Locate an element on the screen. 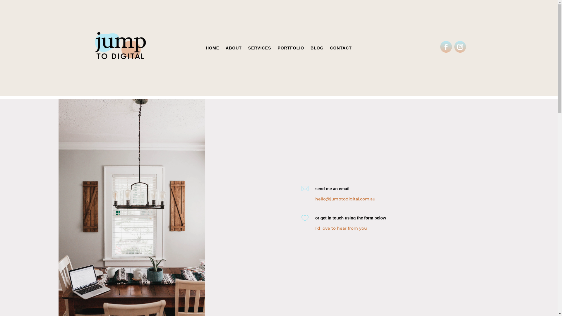 The image size is (562, 316). 'HOME' is located at coordinates (205, 49).